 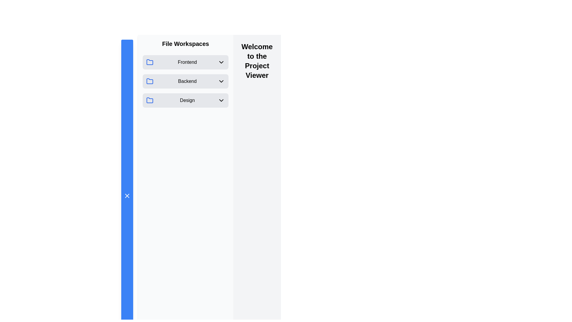 I want to click on the blue folder icon located in the left panel under the 'File Workspaces' section, adjacent to the 'Frontend' text label, so click(x=150, y=62).